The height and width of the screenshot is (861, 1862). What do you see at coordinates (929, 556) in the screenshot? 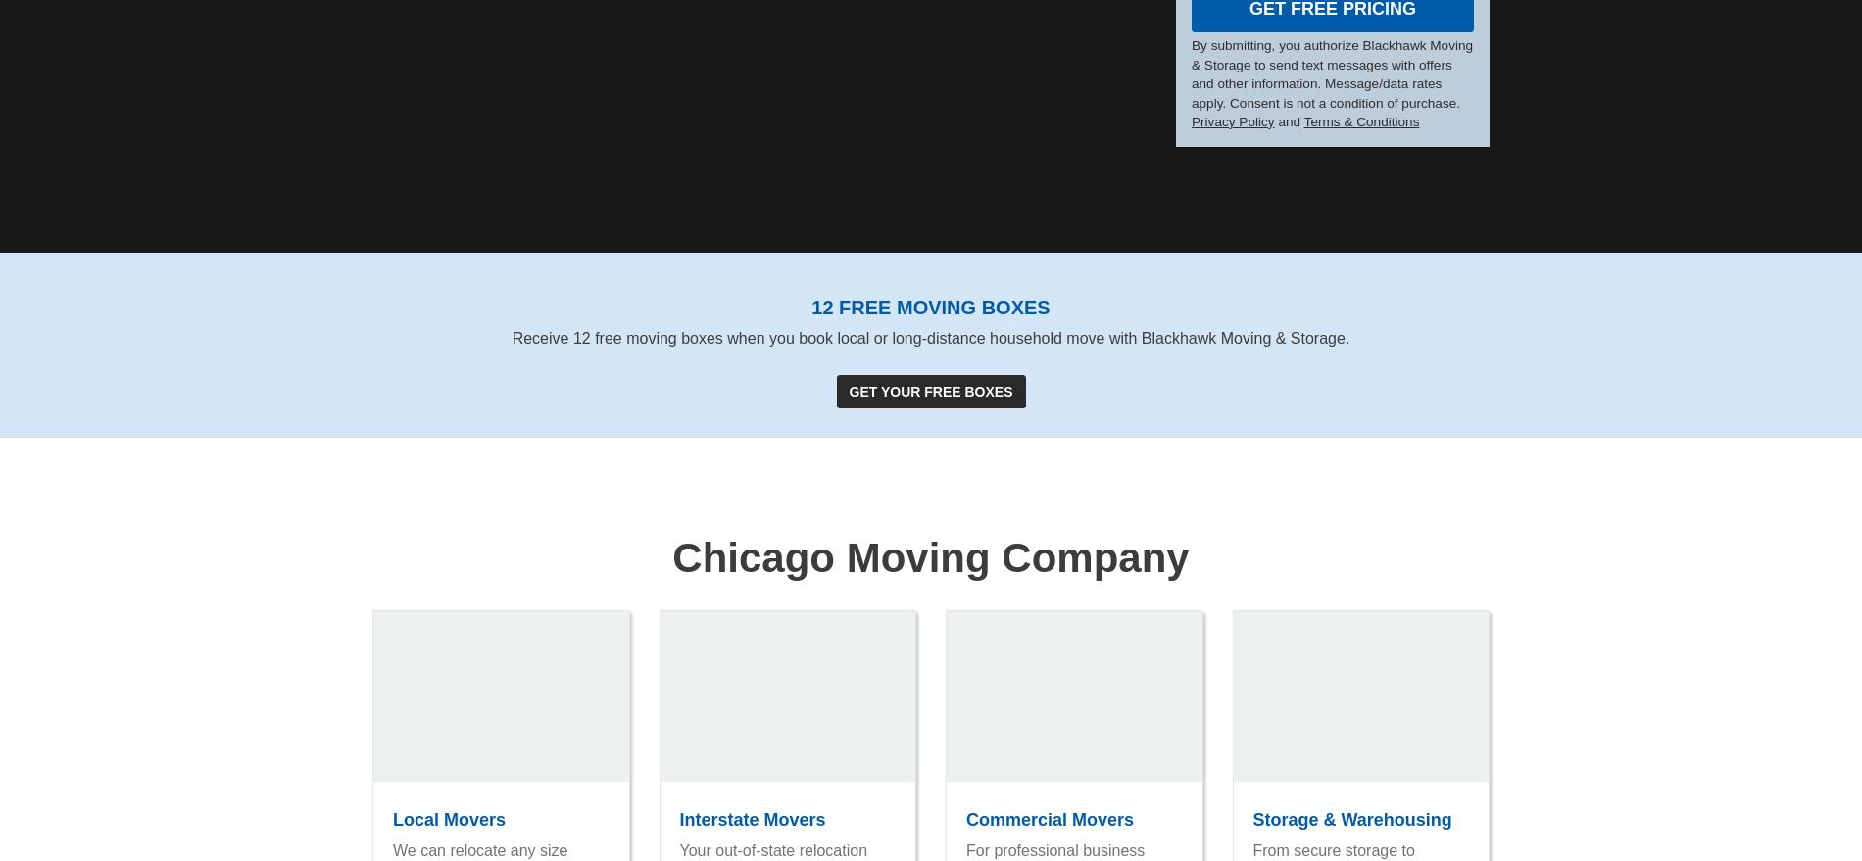
I see `'Chicago Moving Company'` at bounding box center [929, 556].